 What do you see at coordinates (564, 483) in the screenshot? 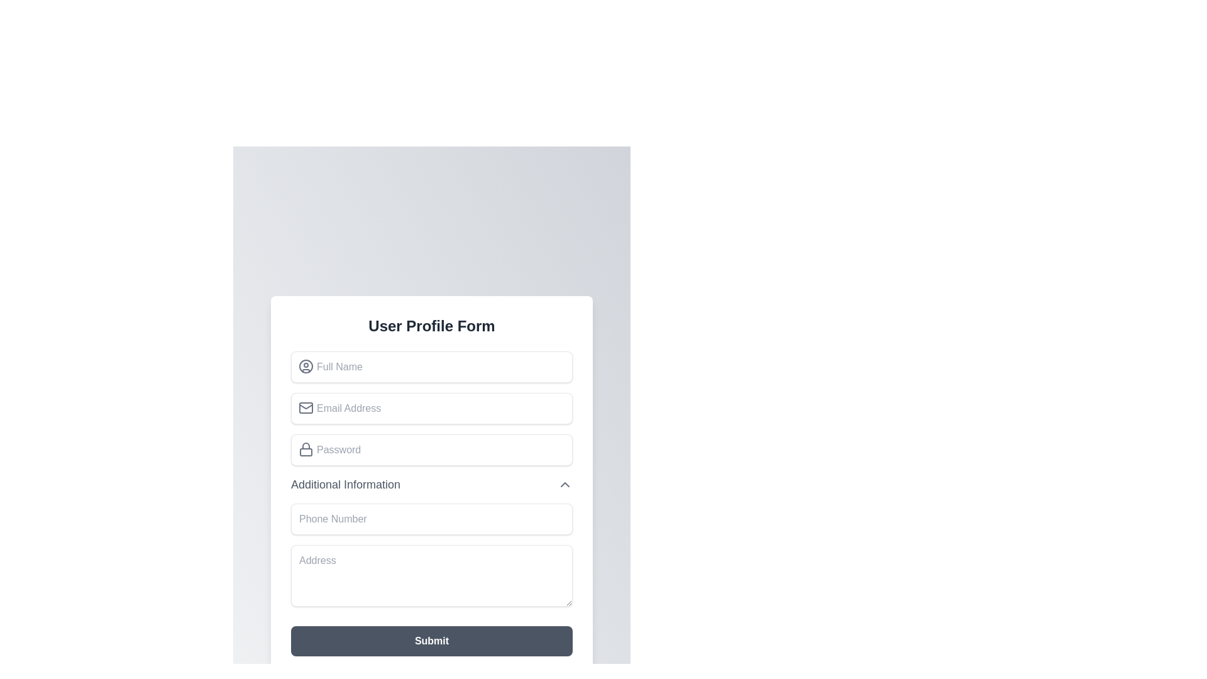
I see `the button with an upward-pointing arrow icon located to the right of 'Additional Information'` at bounding box center [564, 483].